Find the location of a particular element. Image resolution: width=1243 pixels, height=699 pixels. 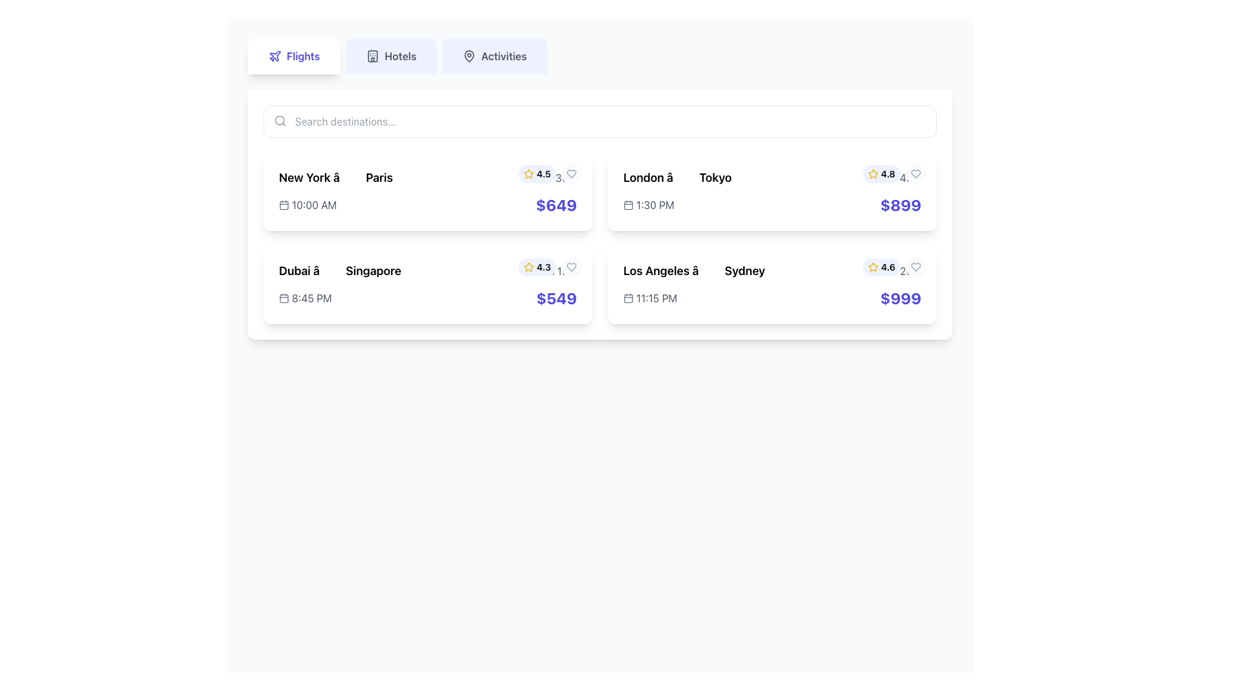

travel information displayed in the informational display element located at the top of the rightmost card in the travel listing section, showing 'London → Tokyo' and '11h 45m' is located at coordinates (772, 177).